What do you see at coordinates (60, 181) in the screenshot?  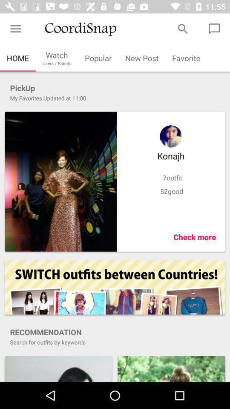 I see `larger image` at bounding box center [60, 181].